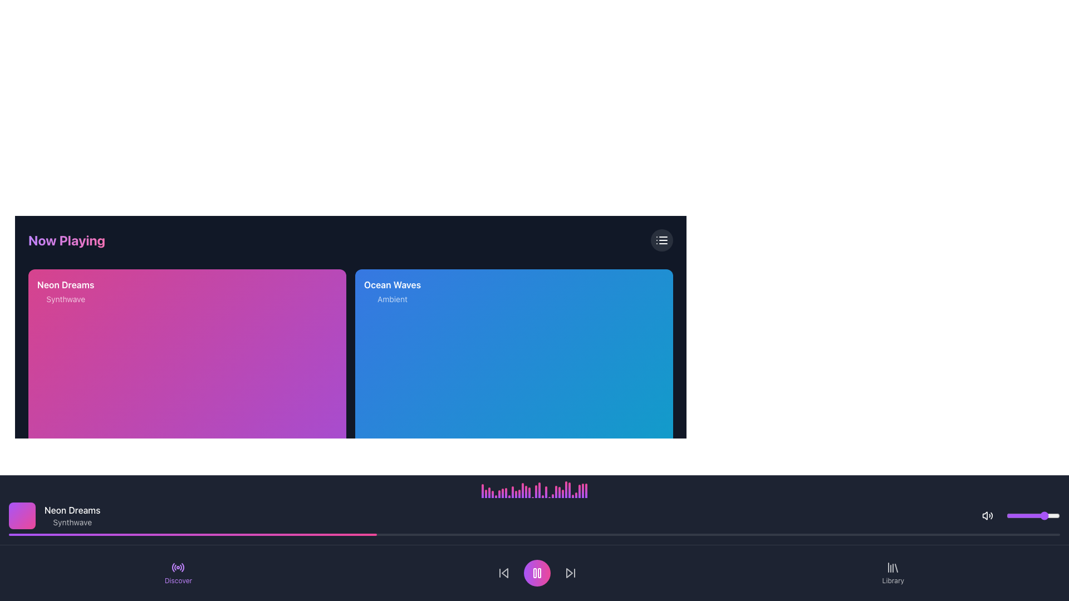 Image resolution: width=1069 pixels, height=601 pixels. What do you see at coordinates (569, 491) in the screenshot?
I see `the height change of the 27th bar in the graphical equalizer, which visually represents audio activity and dynamically adjusts to convey sound intensity` at bounding box center [569, 491].